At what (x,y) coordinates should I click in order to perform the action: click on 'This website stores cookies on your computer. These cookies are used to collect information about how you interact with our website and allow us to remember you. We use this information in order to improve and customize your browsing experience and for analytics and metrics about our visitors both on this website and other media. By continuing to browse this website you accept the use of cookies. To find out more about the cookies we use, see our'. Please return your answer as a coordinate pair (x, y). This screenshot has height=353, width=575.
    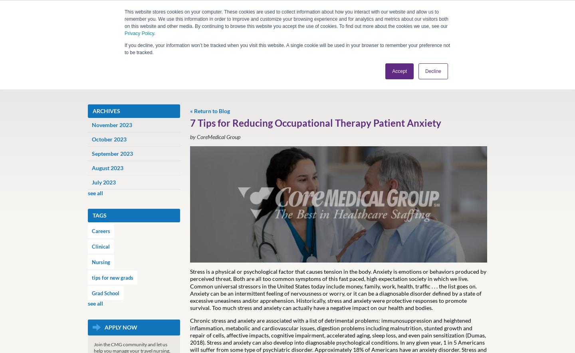
    Looking at the image, I should click on (286, 19).